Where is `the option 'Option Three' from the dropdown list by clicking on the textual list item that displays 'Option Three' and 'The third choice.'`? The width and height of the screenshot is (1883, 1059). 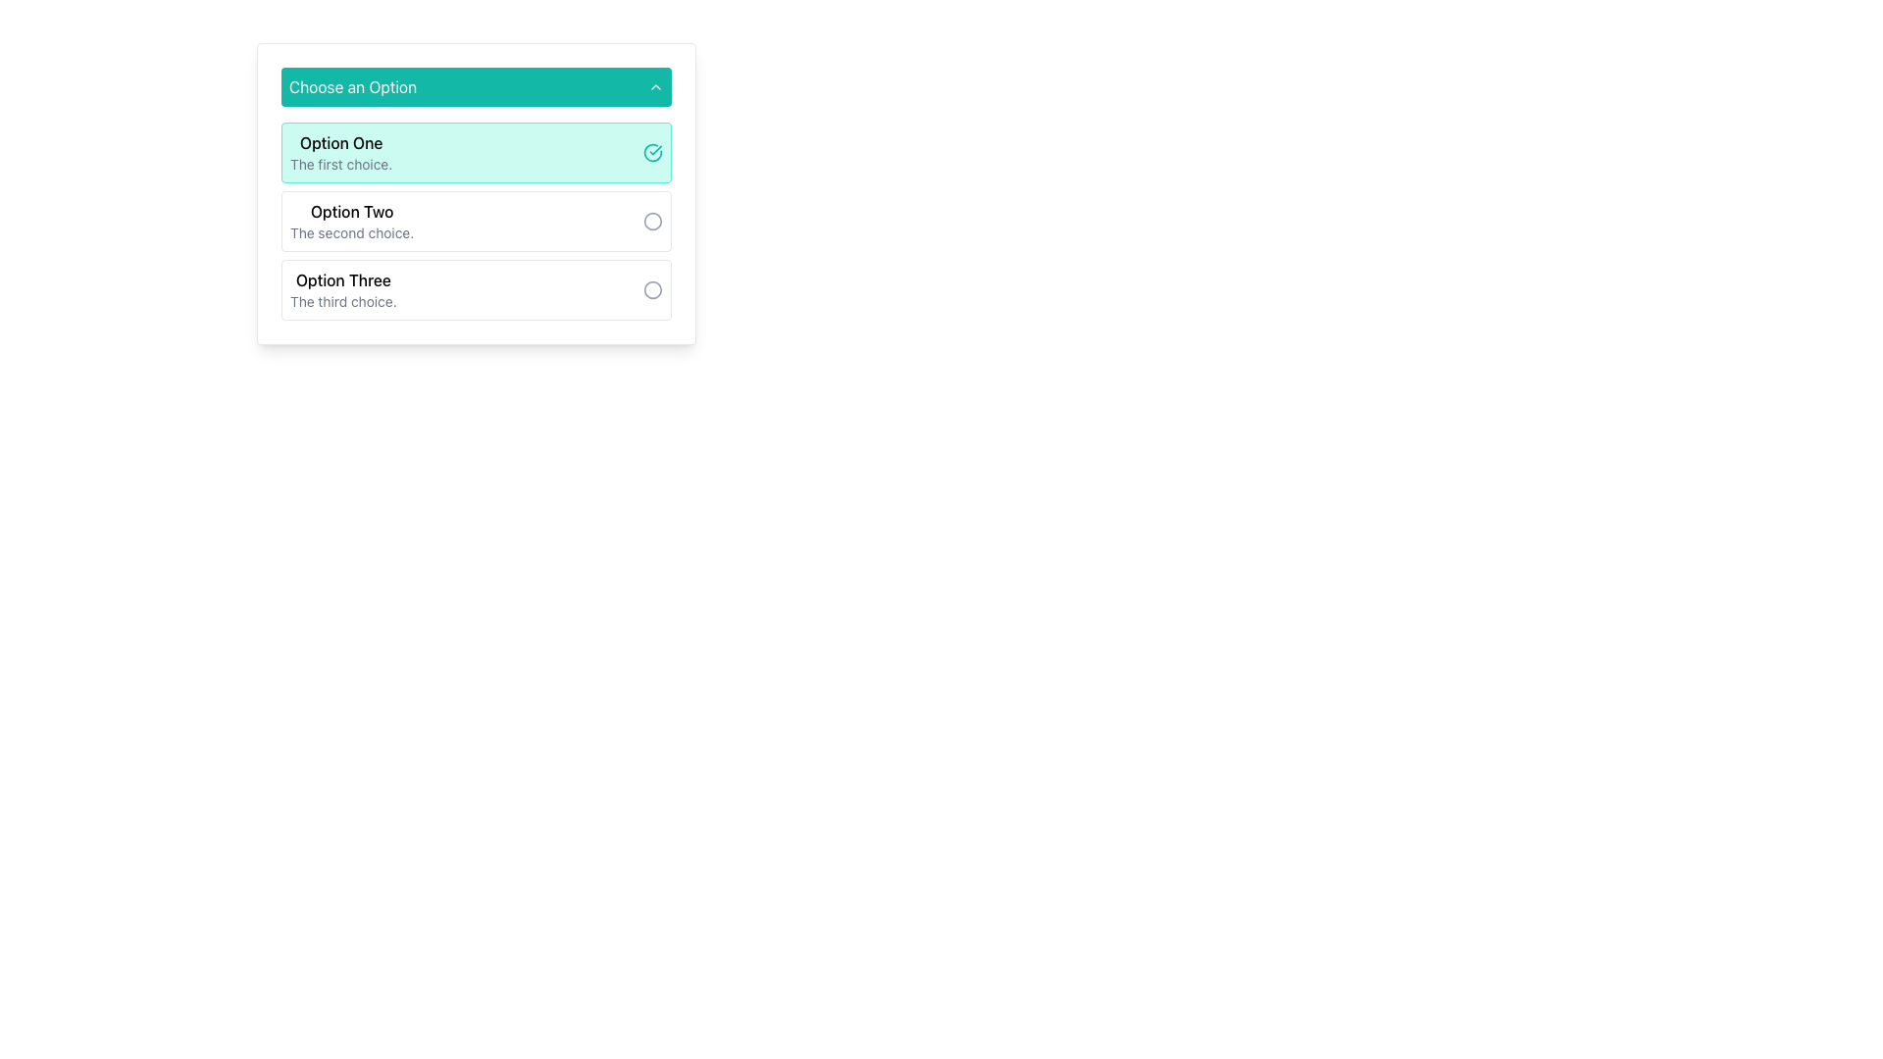 the option 'Option Three' from the dropdown list by clicking on the textual list item that displays 'Option Three' and 'The third choice.' is located at coordinates (343, 290).